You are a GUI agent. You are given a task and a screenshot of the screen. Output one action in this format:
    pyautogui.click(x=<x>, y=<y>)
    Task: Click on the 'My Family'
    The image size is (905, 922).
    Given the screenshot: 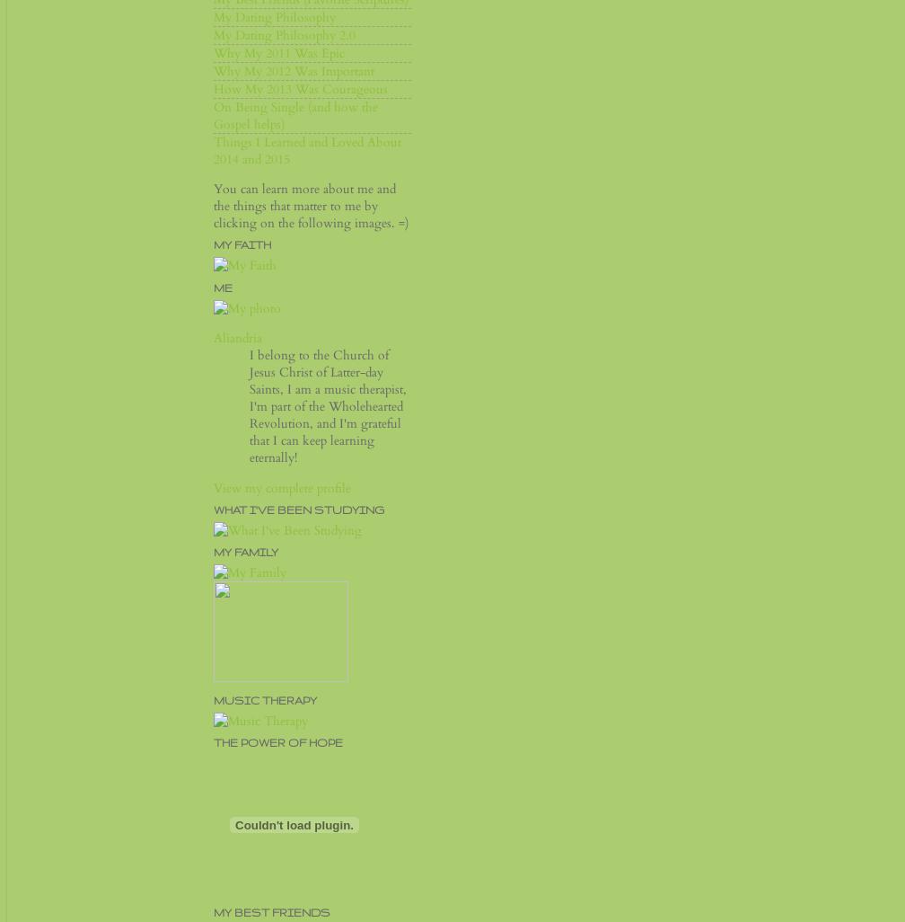 What is the action you would take?
    pyautogui.click(x=245, y=550)
    